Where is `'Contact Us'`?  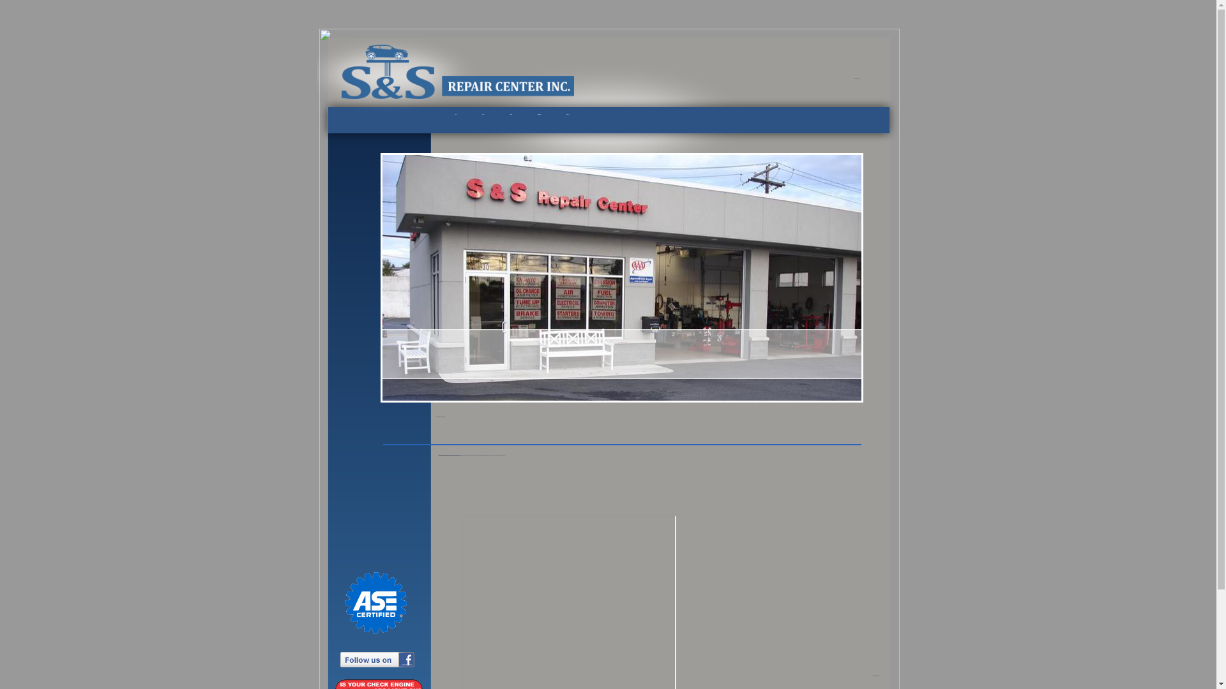
'Contact Us' is located at coordinates (561, 114).